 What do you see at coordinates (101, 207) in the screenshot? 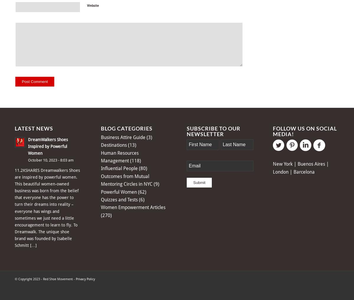
I see `'Women Empowerment Articles'` at bounding box center [101, 207].